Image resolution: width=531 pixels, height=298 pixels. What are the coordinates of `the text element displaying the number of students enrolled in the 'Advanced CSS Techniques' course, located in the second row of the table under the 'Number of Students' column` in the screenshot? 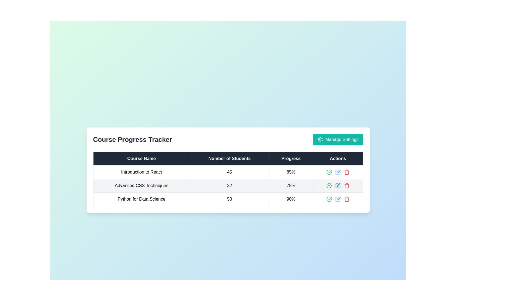 It's located at (230, 185).